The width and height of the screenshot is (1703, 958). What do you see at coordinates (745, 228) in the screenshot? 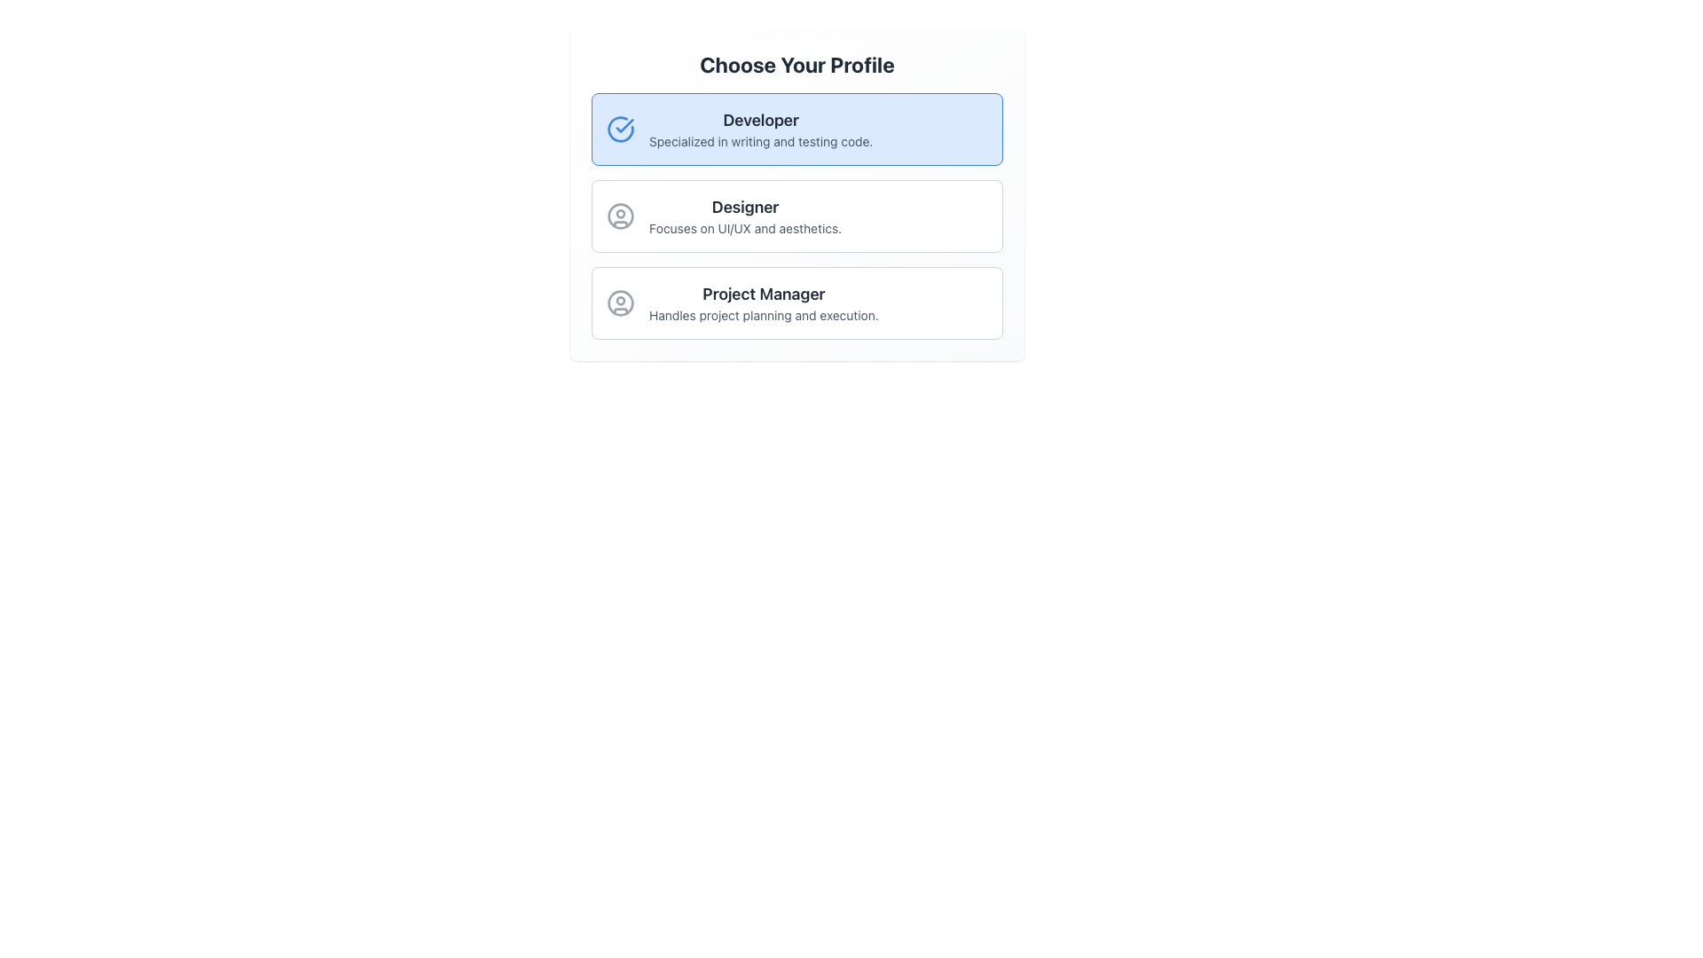
I see `the descriptive text element located directly beneath the 'Designer' label, which provides additional information about the profile option` at bounding box center [745, 228].